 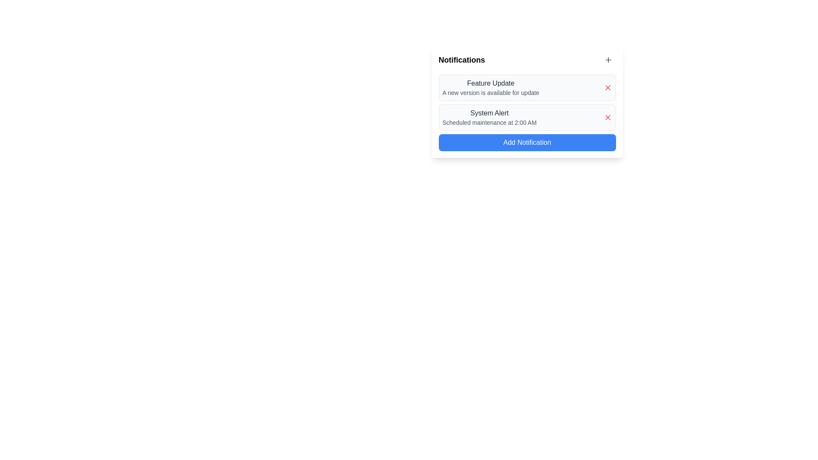 I want to click on the text label displaying 'Feature Update' which is bold and dark gray, located in the notifications section as the title of the first notification entry, so click(x=491, y=83).